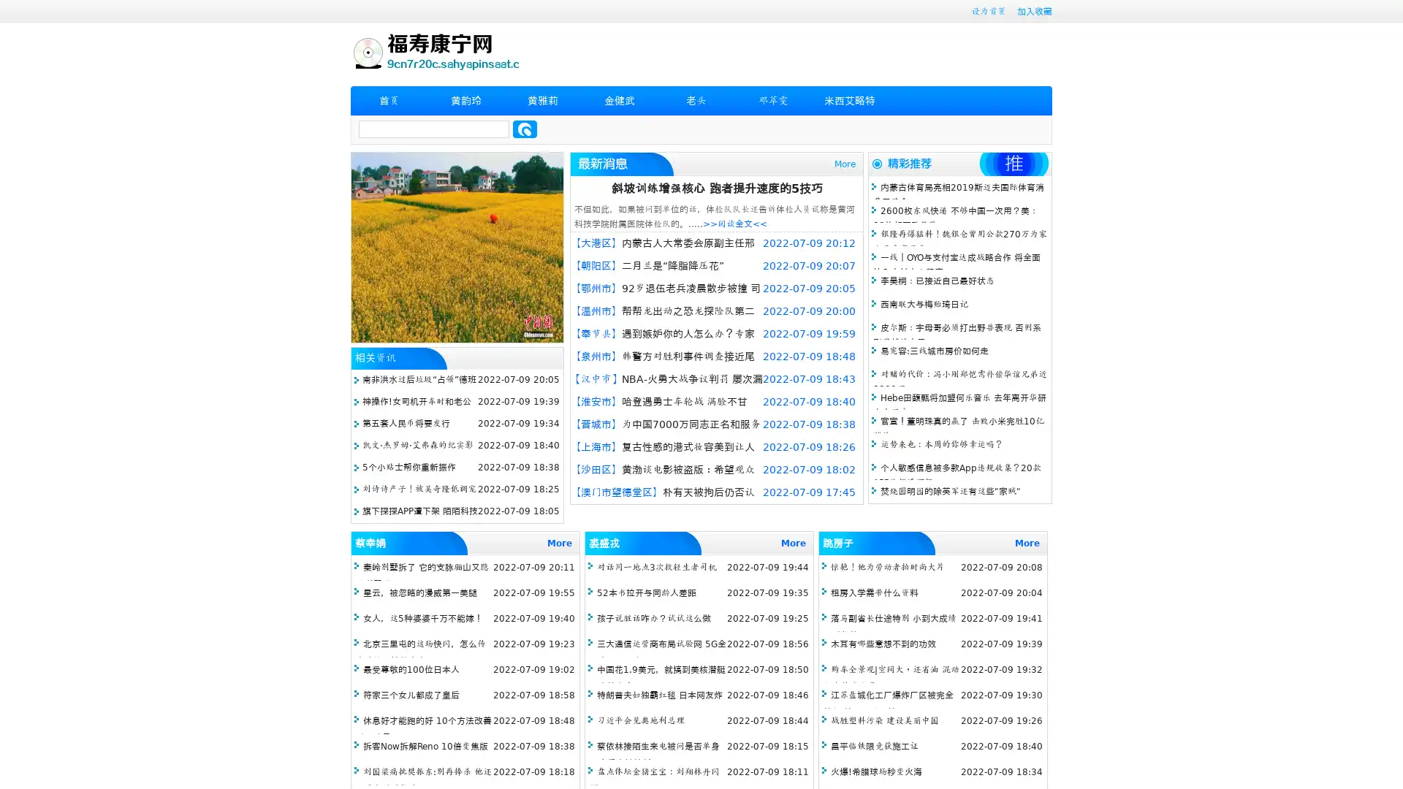 The width and height of the screenshot is (1403, 789). I want to click on Search, so click(525, 129).